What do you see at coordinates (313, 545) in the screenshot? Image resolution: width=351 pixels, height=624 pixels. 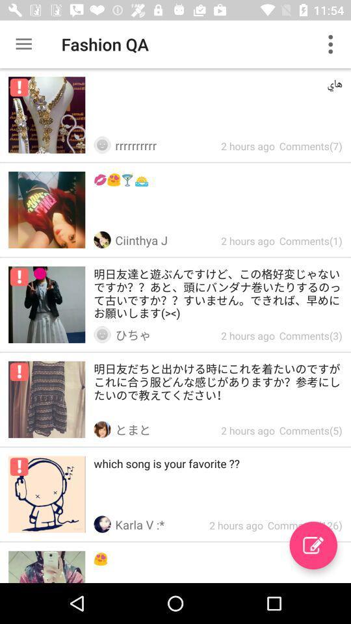 I see `the edit icon` at bounding box center [313, 545].